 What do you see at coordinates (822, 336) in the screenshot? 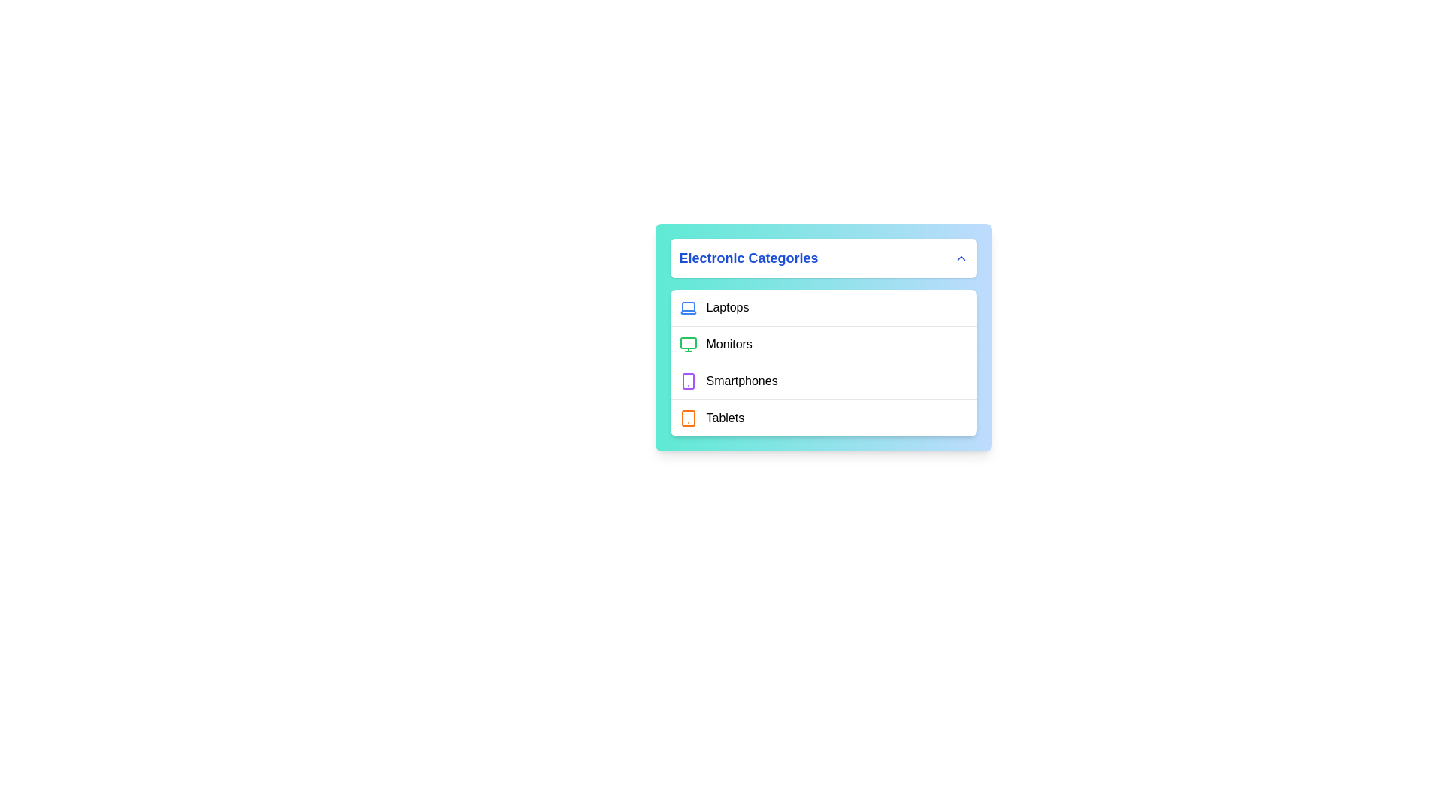
I see `the list item labeled 'Monitors', which is the second item in the 'Electronic Categories' list` at bounding box center [822, 336].